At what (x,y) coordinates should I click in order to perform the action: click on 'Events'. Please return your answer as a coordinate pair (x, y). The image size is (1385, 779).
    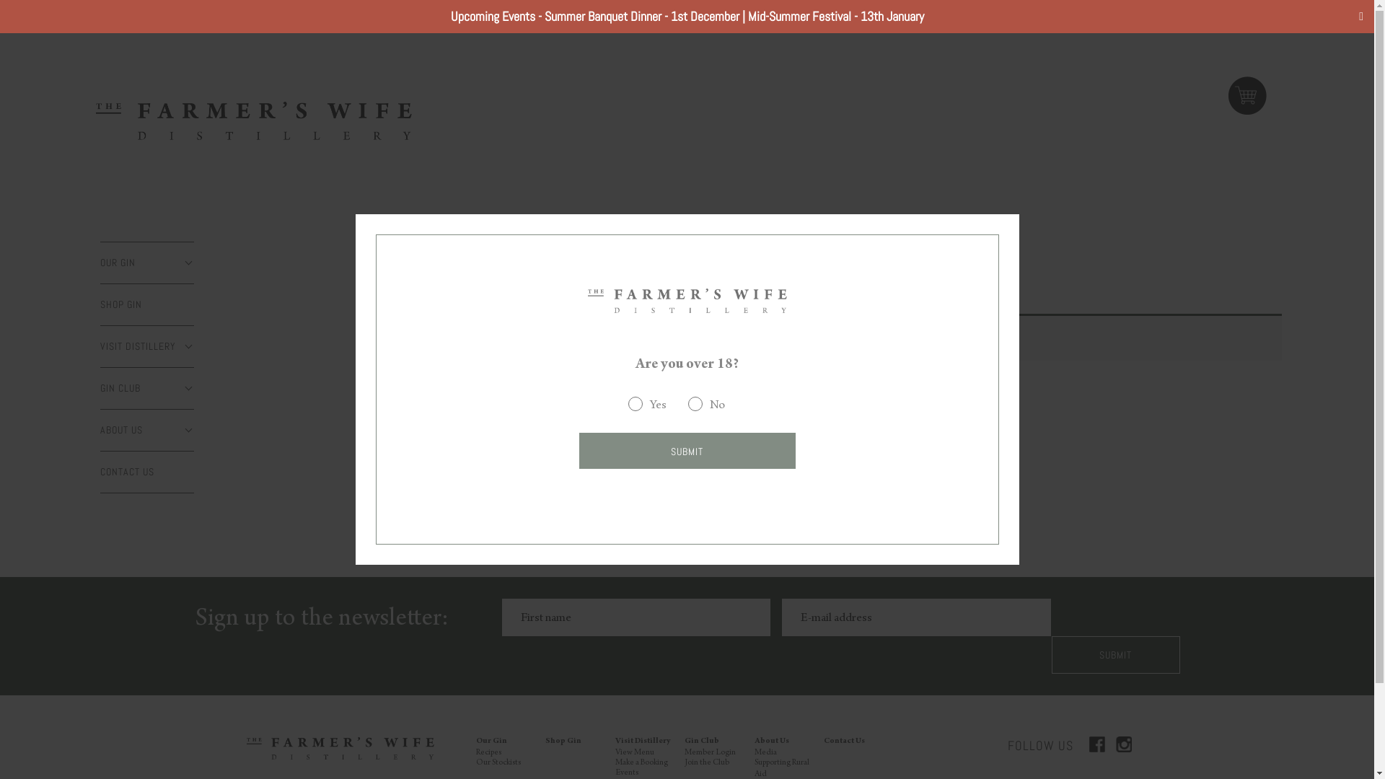
    Looking at the image, I should click on (626, 773).